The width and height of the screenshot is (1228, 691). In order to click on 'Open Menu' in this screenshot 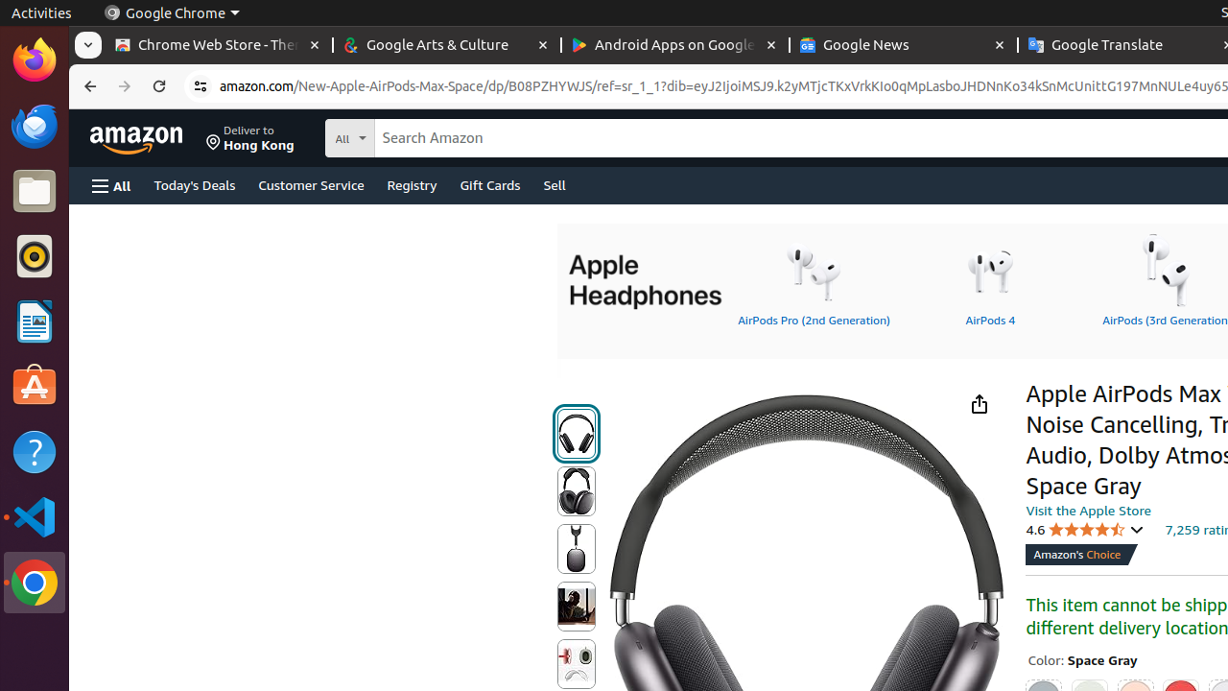, I will do `click(110, 185)`.